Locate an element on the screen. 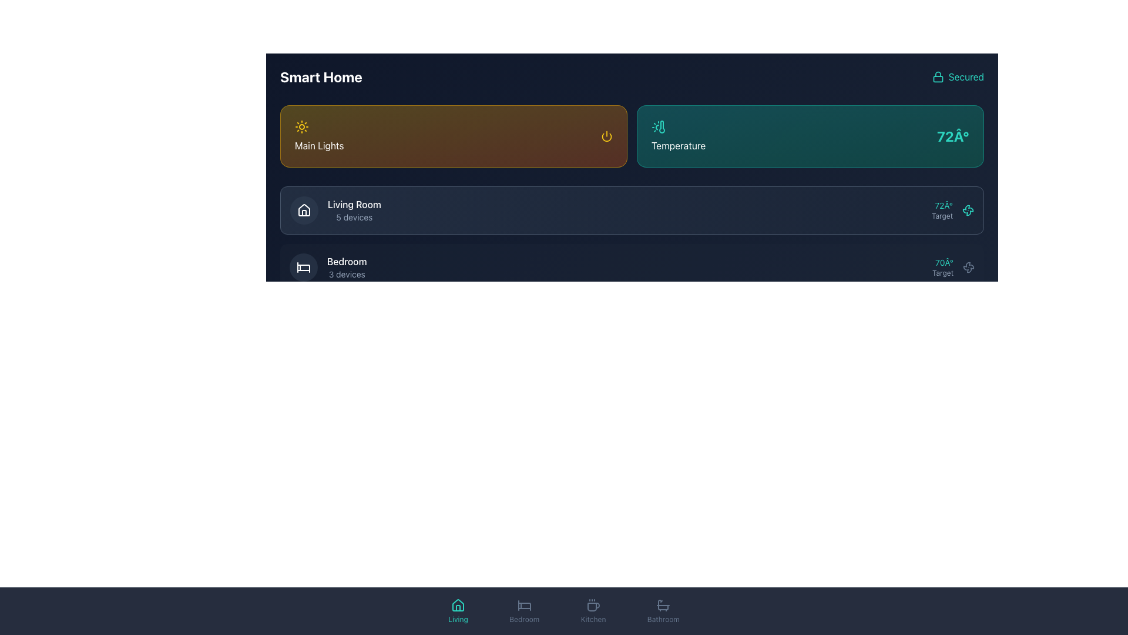 The width and height of the screenshot is (1128, 635). the 'Bedroom' text label located in the bottom navigation bar, which is styled in grayish color and centered below a bed icon is located at coordinates (523, 619).